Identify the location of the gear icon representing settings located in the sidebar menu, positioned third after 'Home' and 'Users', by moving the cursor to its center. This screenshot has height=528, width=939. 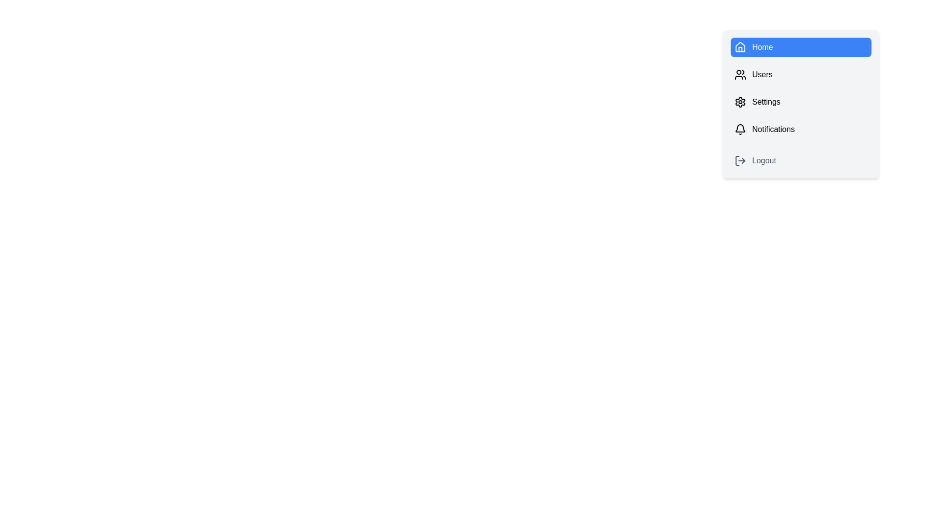
(740, 102).